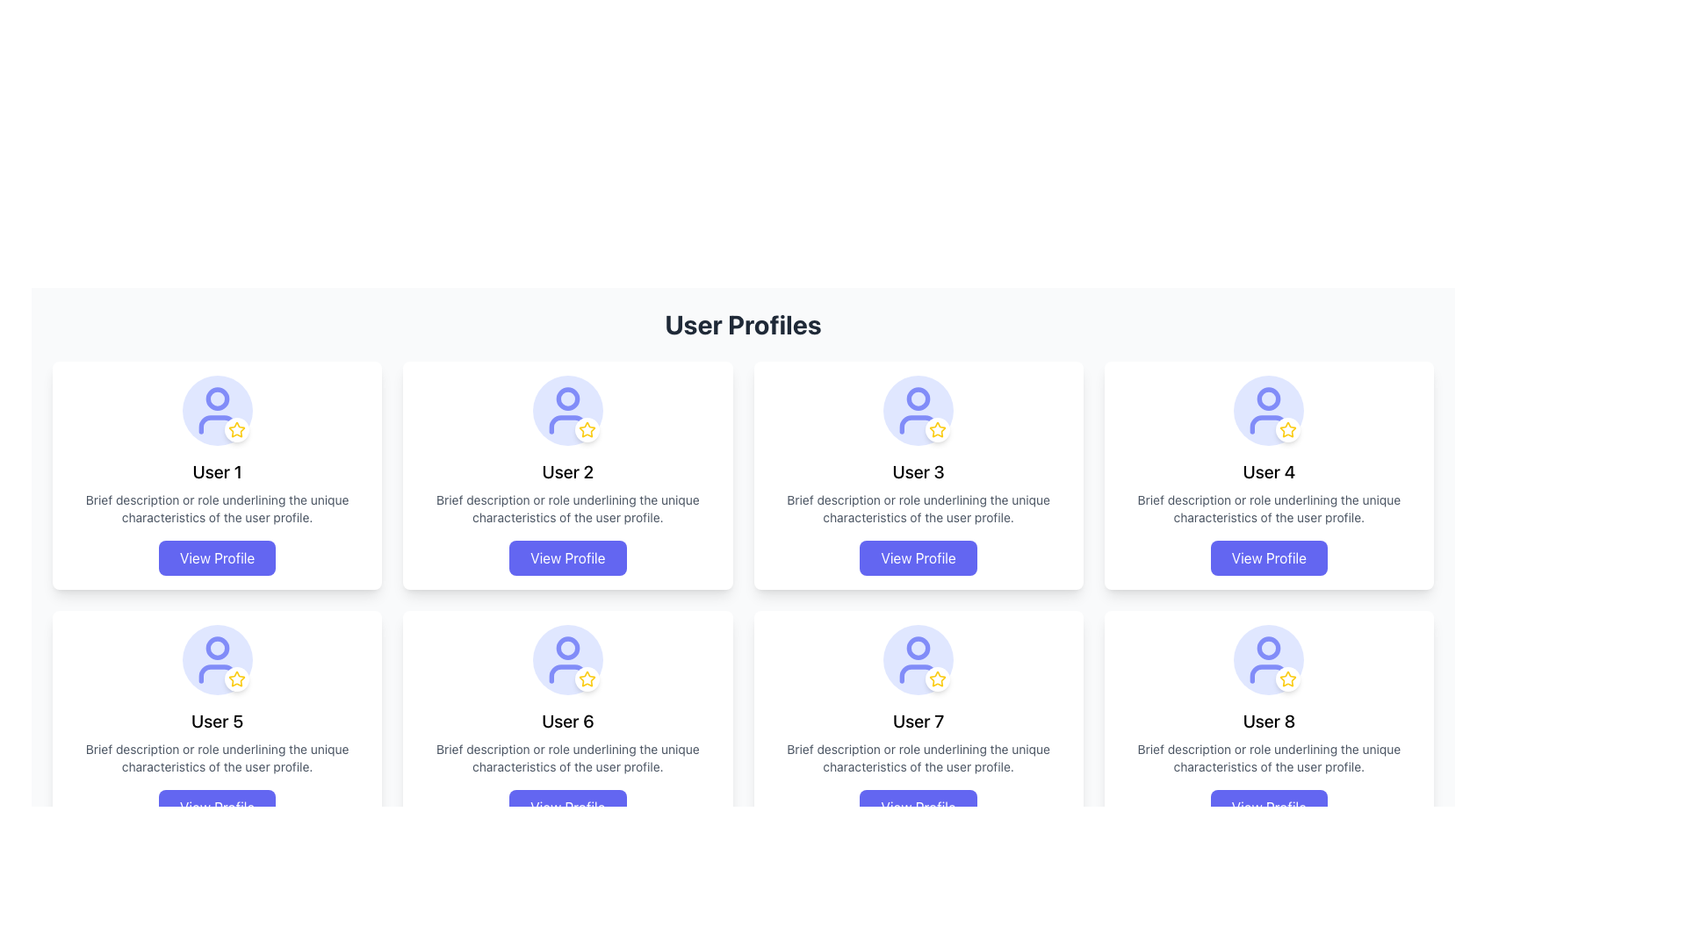 The height and width of the screenshot is (948, 1686). I want to click on the Circular icon with a user avatar and star decoration located at the top-center of the 'User 2' card, so click(567, 410).